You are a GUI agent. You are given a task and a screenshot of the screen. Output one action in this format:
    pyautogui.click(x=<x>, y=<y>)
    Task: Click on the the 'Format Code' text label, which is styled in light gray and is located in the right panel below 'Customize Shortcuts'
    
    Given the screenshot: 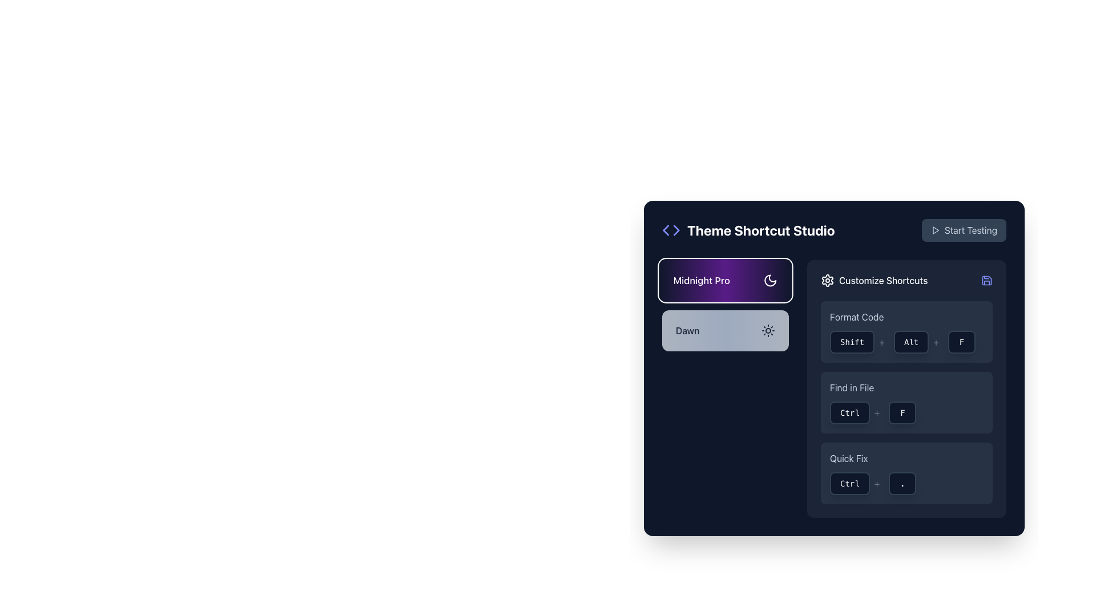 What is the action you would take?
    pyautogui.click(x=857, y=317)
    